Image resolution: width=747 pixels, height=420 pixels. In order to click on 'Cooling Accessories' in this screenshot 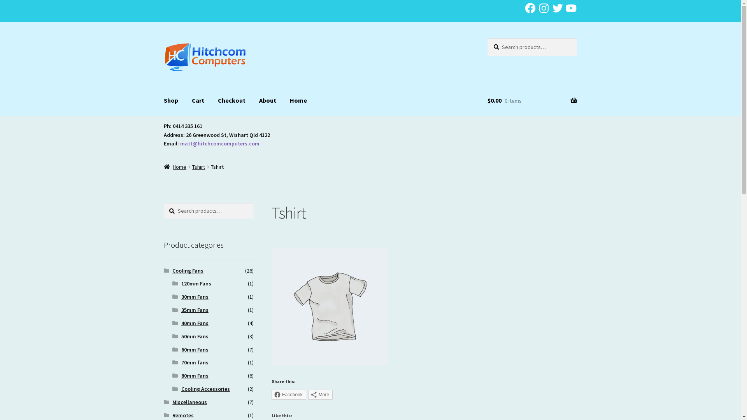, I will do `click(181, 388)`.